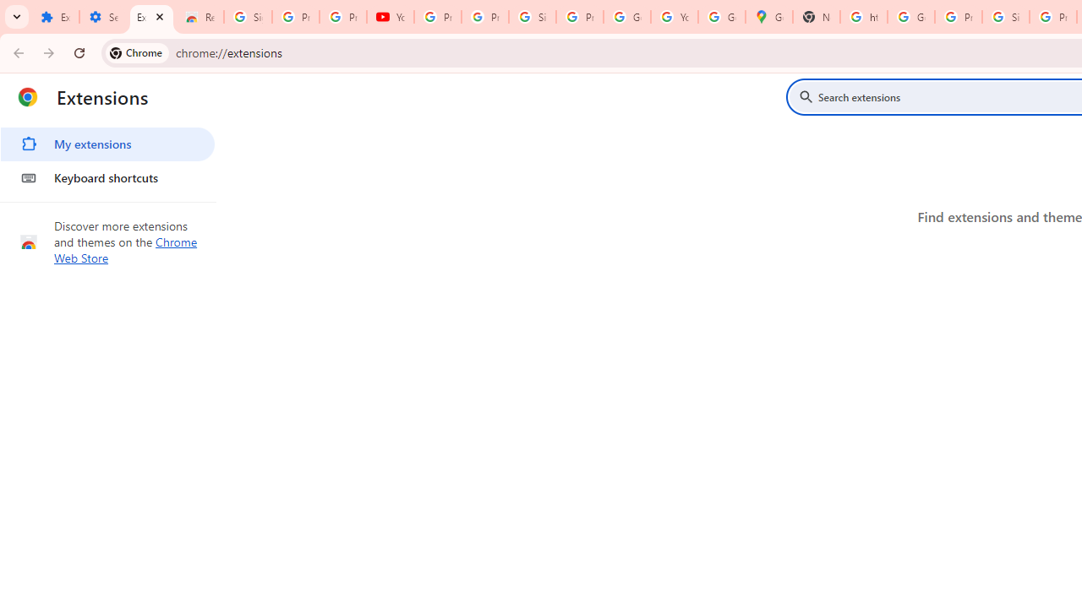 The image size is (1082, 608). What do you see at coordinates (107, 144) in the screenshot?
I see `'My extensions'` at bounding box center [107, 144].